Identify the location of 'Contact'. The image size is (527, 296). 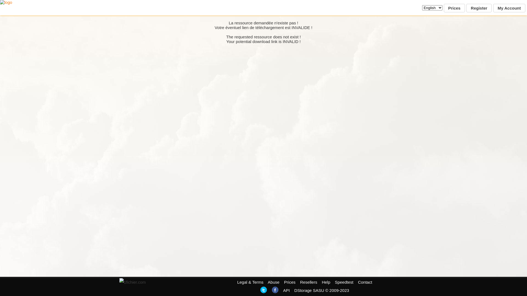
(365, 282).